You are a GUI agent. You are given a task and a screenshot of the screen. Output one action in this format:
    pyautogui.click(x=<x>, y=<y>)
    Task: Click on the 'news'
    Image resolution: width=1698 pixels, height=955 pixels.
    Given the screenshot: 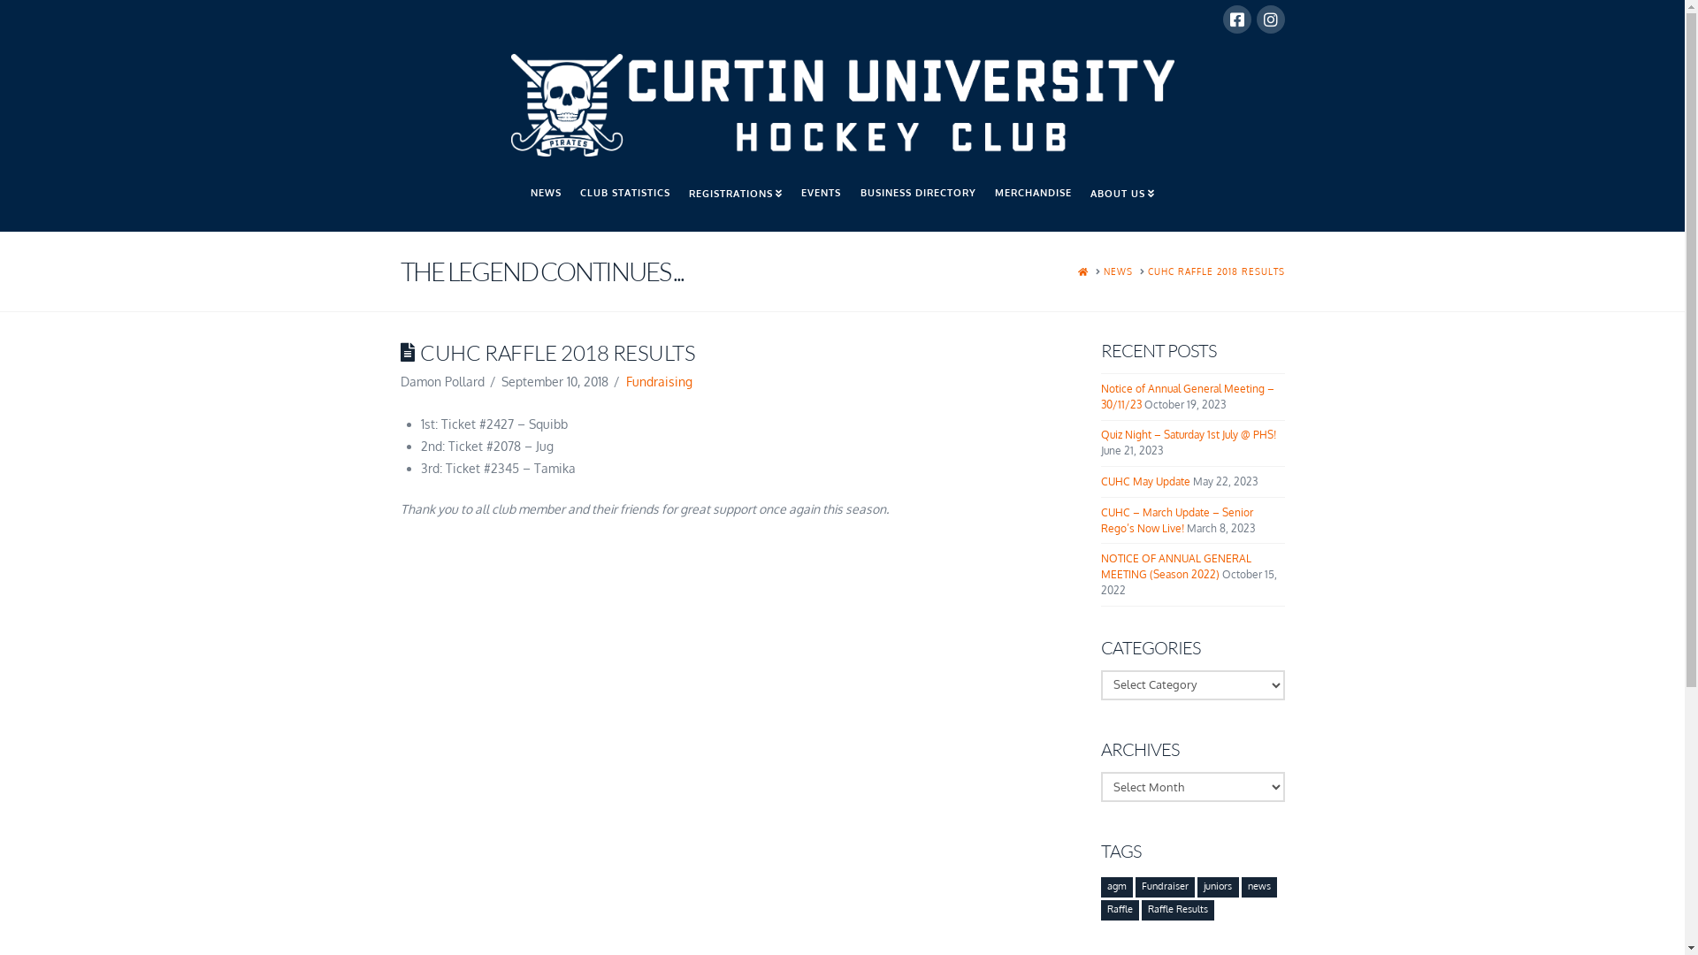 What is the action you would take?
    pyautogui.click(x=1258, y=887)
    